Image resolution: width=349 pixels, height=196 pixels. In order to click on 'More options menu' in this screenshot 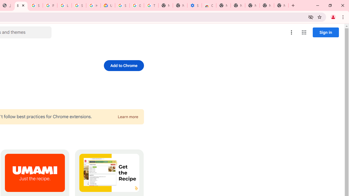, I will do `click(291, 32)`.